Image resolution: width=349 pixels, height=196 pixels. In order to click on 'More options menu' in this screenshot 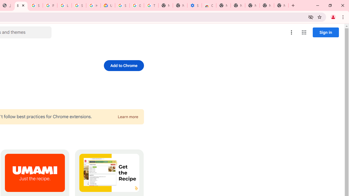, I will do `click(291, 32)`.